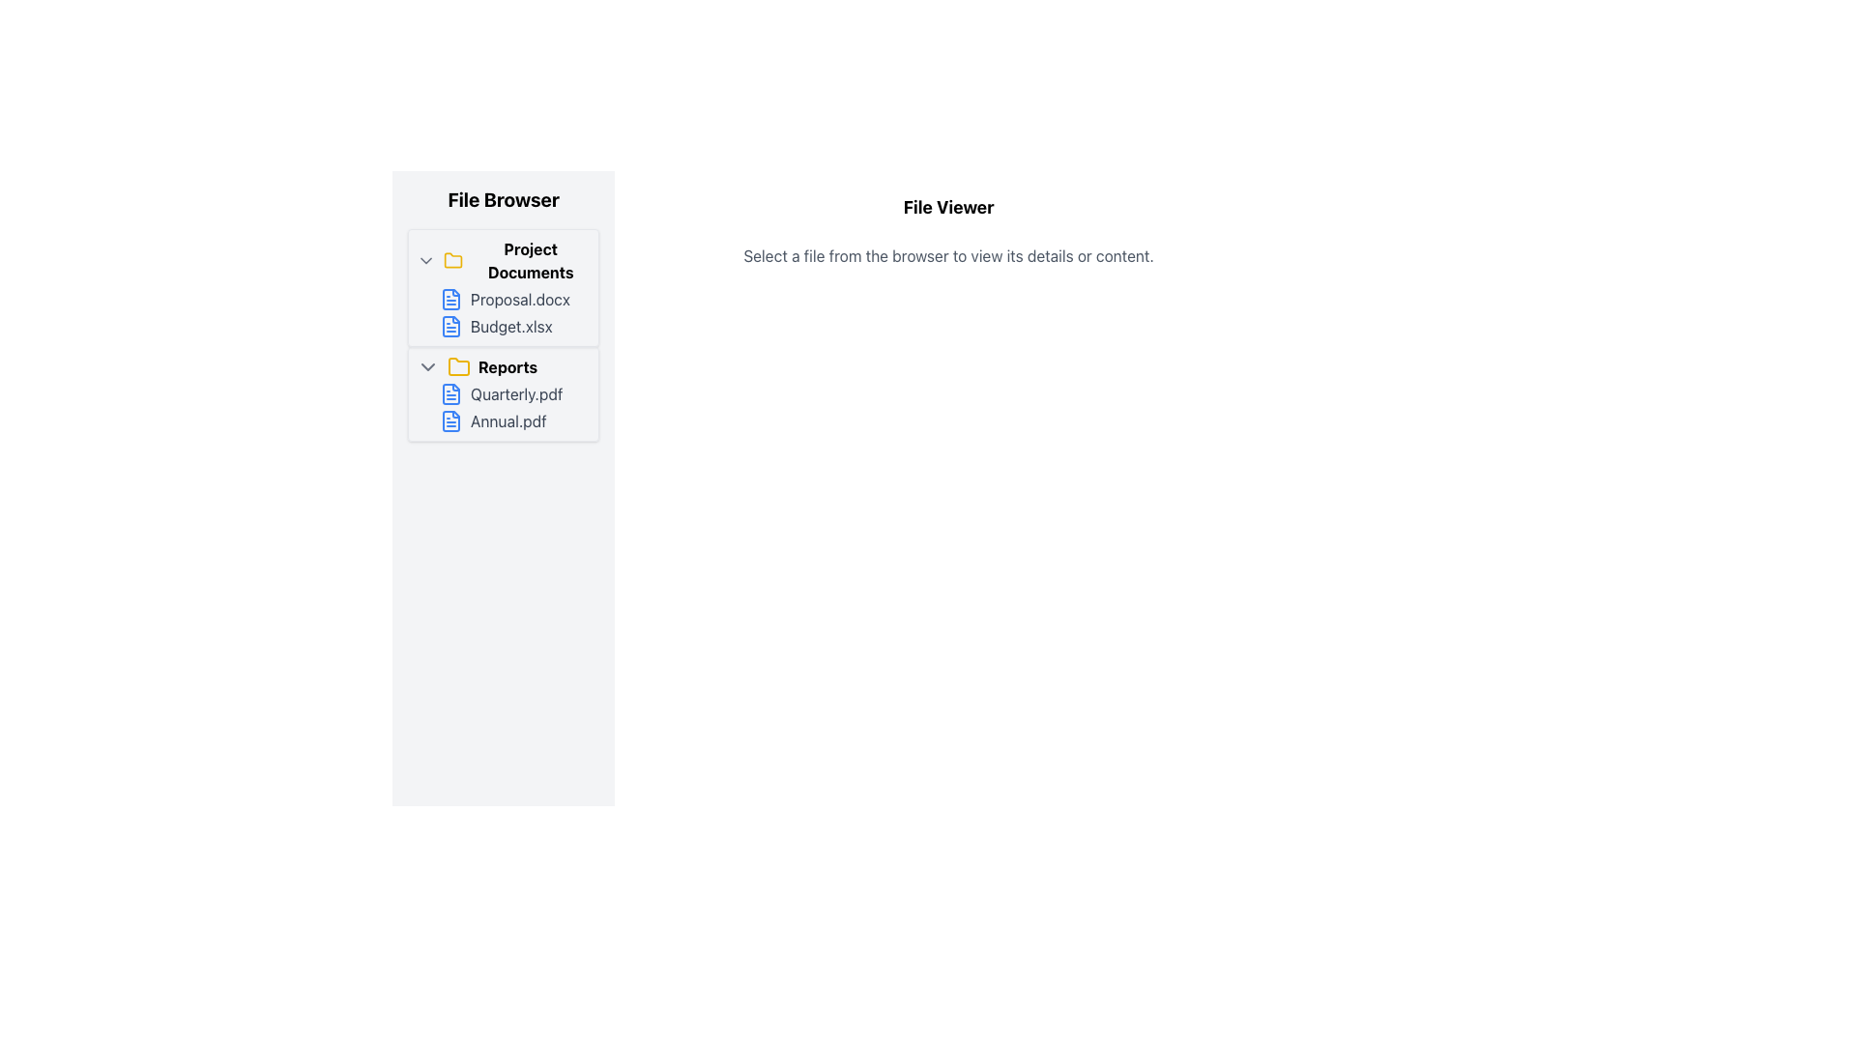 The image size is (1856, 1044). What do you see at coordinates (425, 261) in the screenshot?
I see `the chevron-down icon next to the 'Project Documents' label to trigger the tooltip or style change` at bounding box center [425, 261].